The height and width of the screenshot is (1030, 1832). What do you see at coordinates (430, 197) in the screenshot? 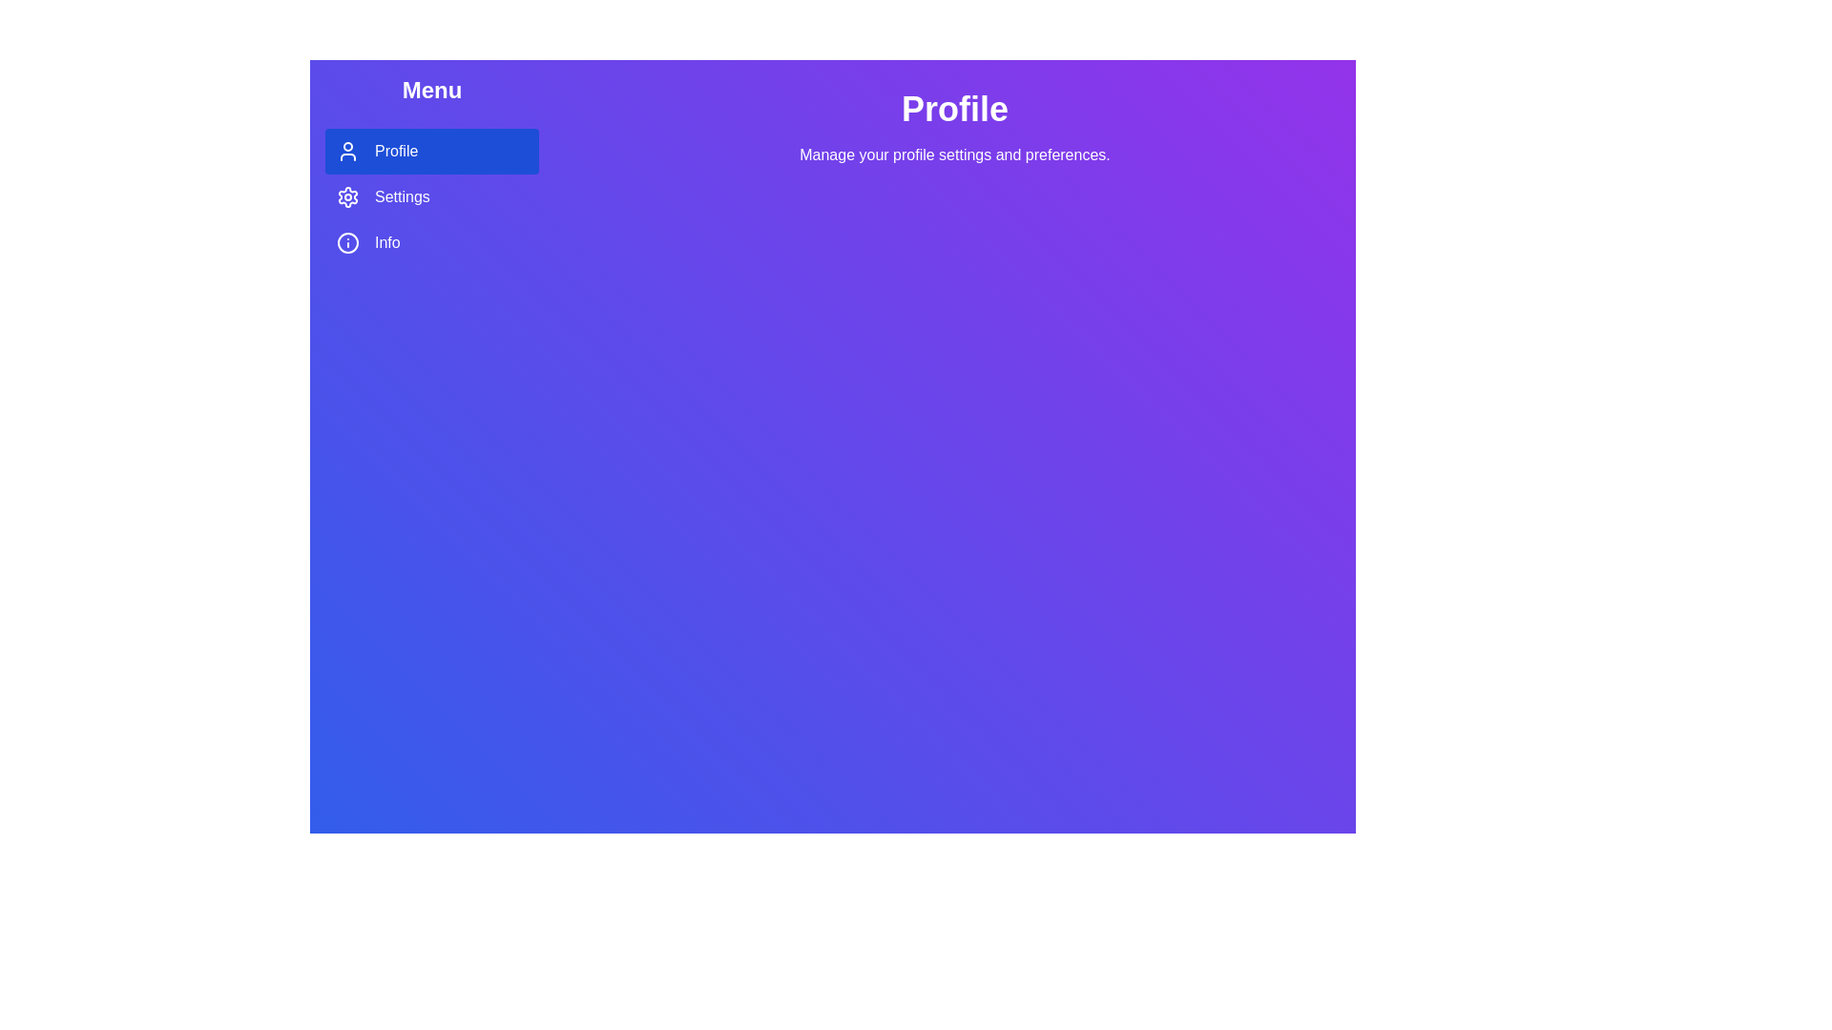
I see `the Settings tab` at bounding box center [430, 197].